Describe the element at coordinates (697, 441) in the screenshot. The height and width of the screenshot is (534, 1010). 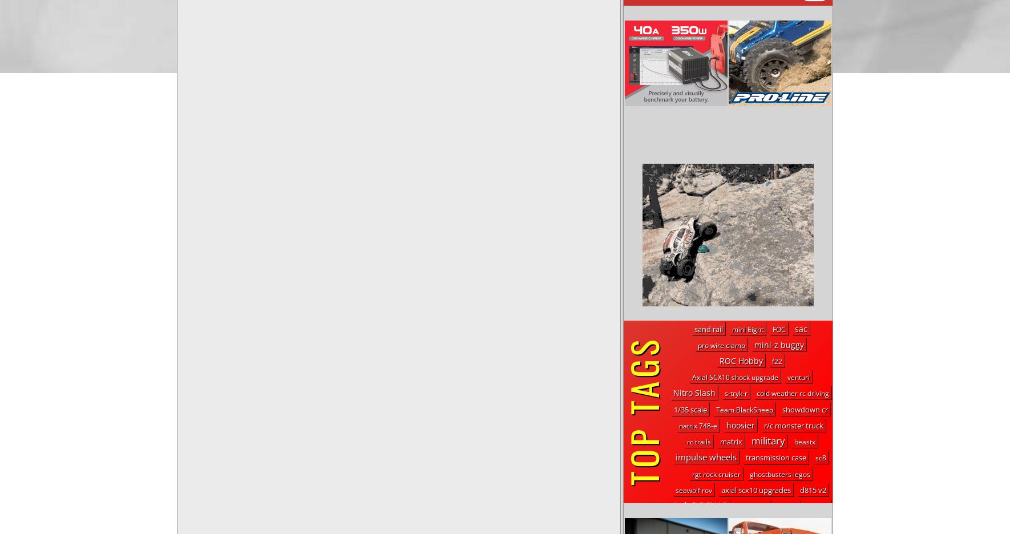
I see `'rc trails'` at that location.